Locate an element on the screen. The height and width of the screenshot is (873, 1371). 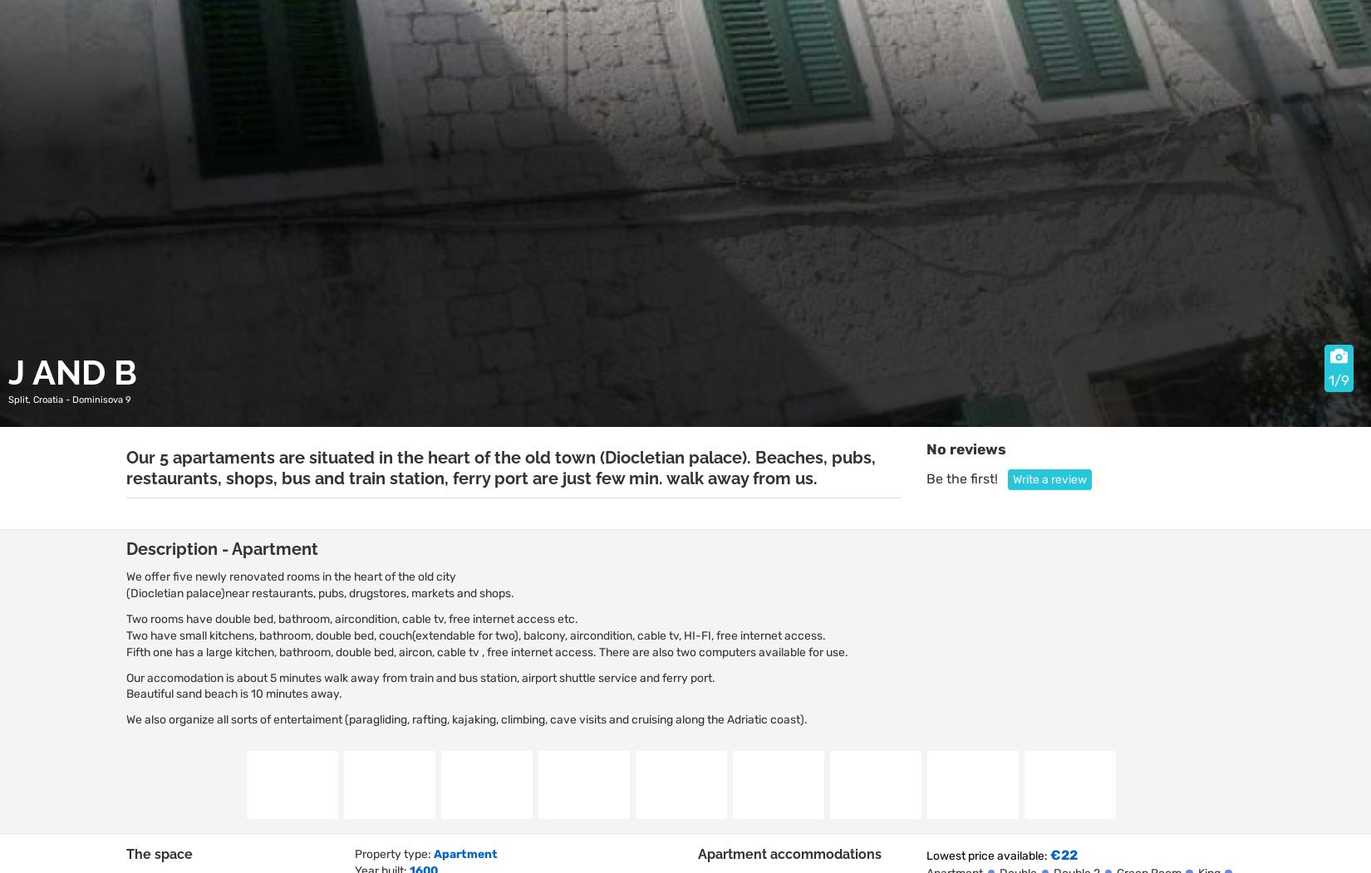
'Fifth one has a large kitchen, bathroom, double bed, aircon, cable tv , free internet access. There are also two computers available for use.' is located at coordinates (486, 650).